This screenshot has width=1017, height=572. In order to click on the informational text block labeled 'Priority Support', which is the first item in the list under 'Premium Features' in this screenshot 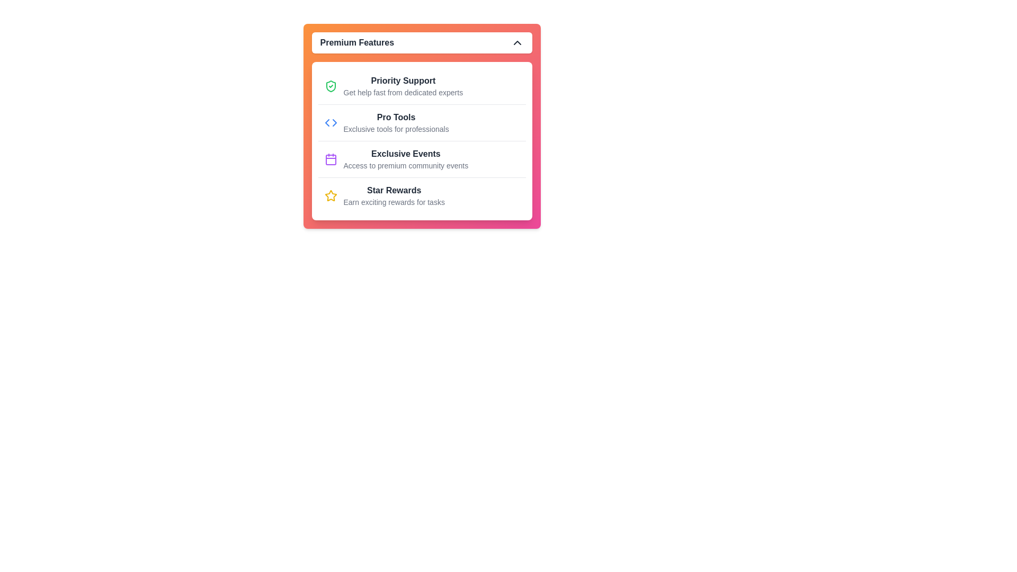, I will do `click(403, 85)`.